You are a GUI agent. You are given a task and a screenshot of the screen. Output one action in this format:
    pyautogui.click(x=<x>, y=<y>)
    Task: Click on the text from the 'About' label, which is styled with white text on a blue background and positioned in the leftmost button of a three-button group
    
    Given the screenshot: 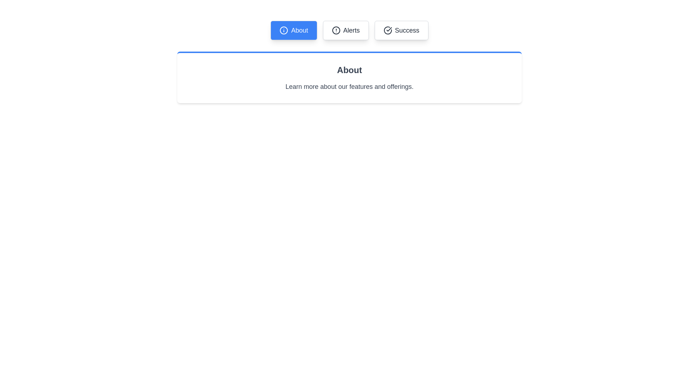 What is the action you would take?
    pyautogui.click(x=300, y=30)
    